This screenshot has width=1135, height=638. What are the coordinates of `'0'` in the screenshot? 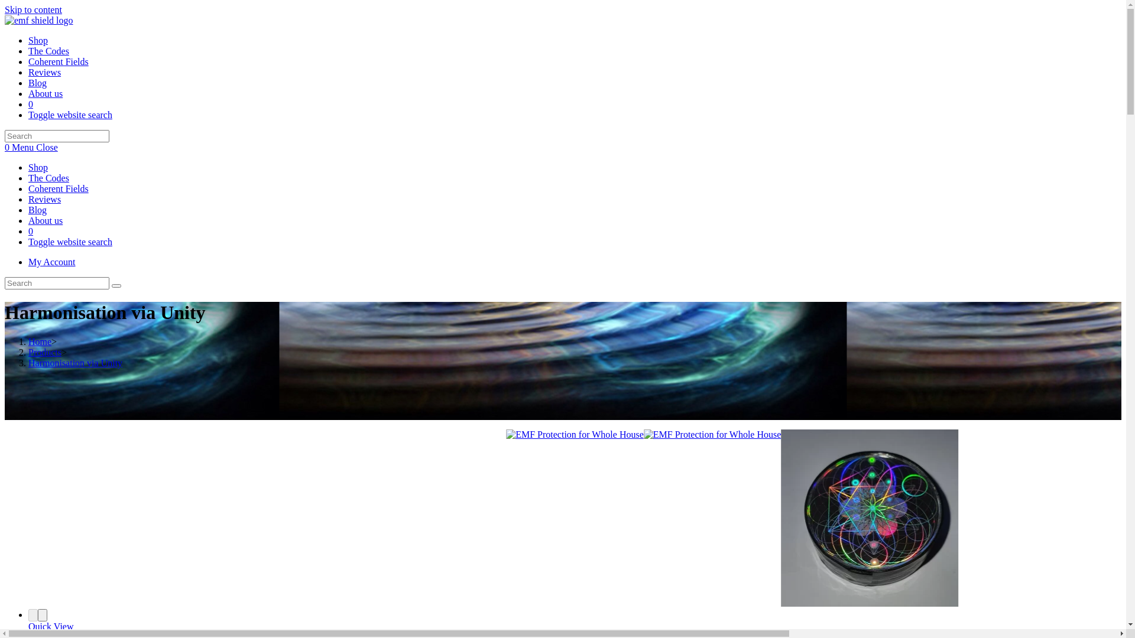 It's located at (31, 231).